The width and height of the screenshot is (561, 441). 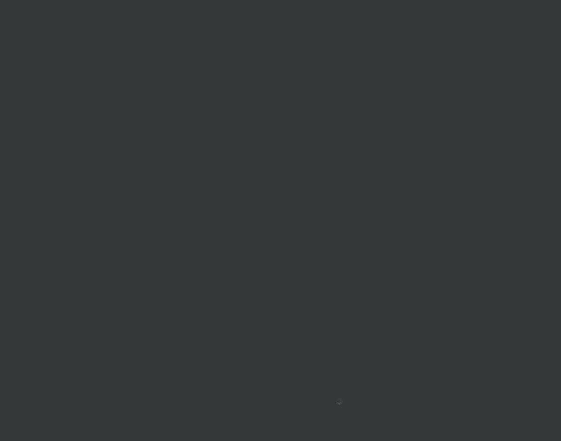 I want to click on 'Pocket', so click(x=400, y=268).